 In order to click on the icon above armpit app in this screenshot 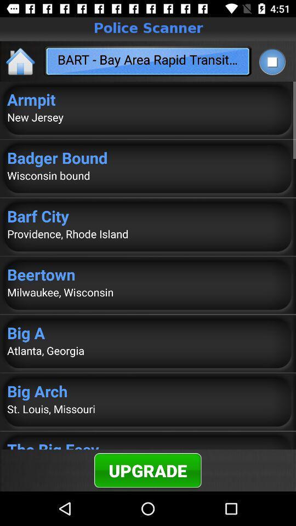, I will do `click(271, 61)`.